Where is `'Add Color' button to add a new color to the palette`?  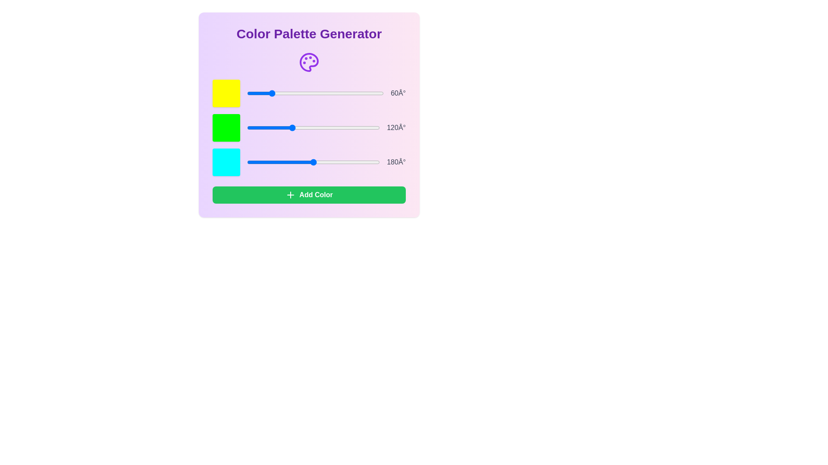 'Add Color' button to add a new color to the palette is located at coordinates (309, 195).